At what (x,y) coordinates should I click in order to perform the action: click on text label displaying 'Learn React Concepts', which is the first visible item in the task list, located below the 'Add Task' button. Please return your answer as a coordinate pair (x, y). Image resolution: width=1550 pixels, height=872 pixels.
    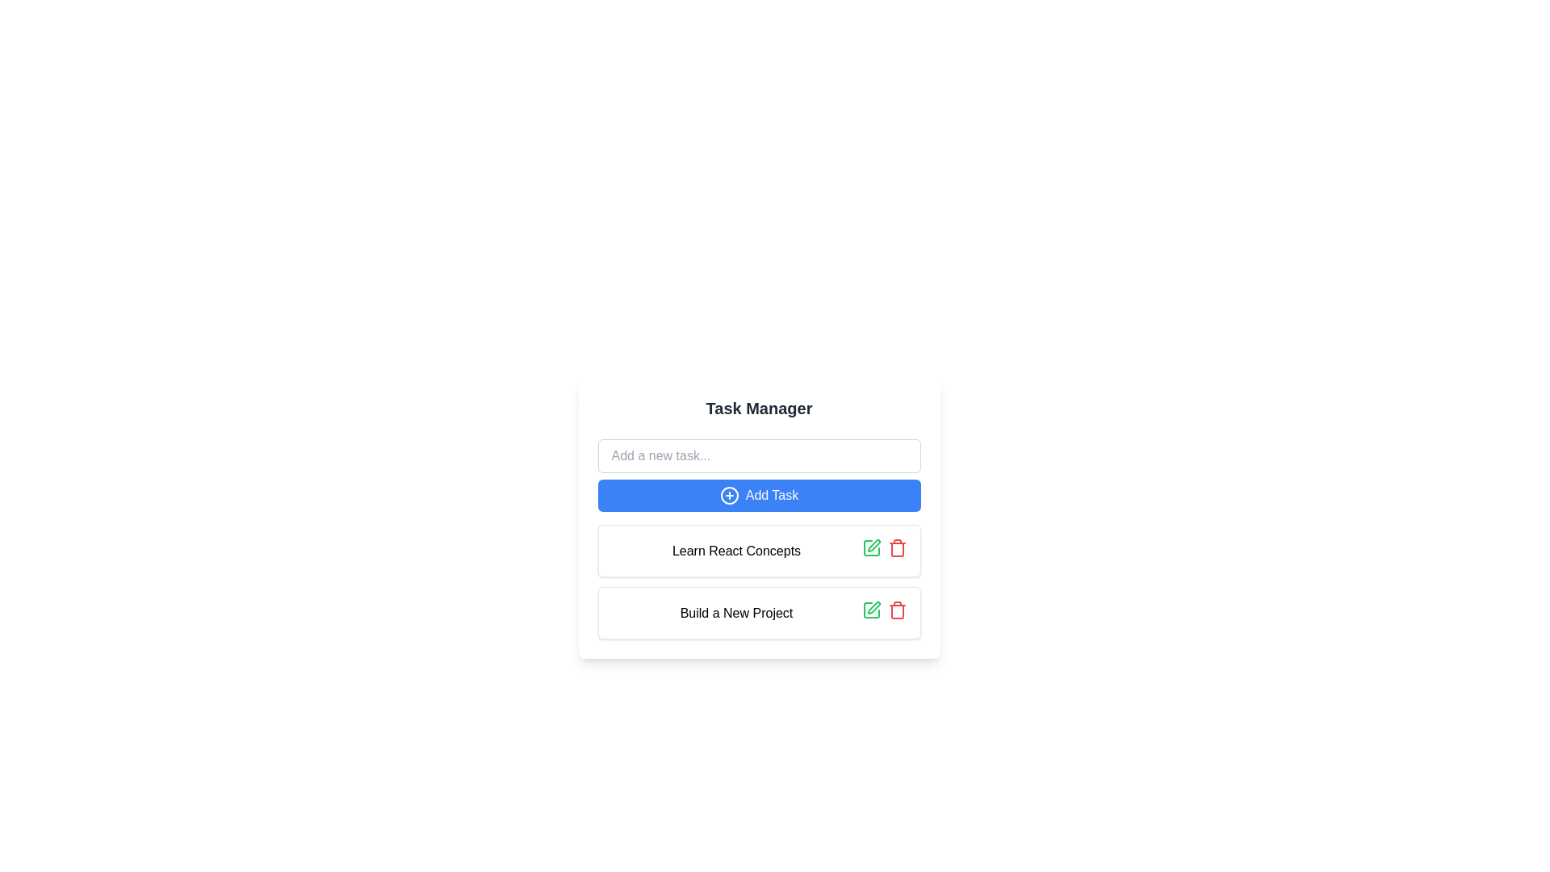
    Looking at the image, I should click on (735, 550).